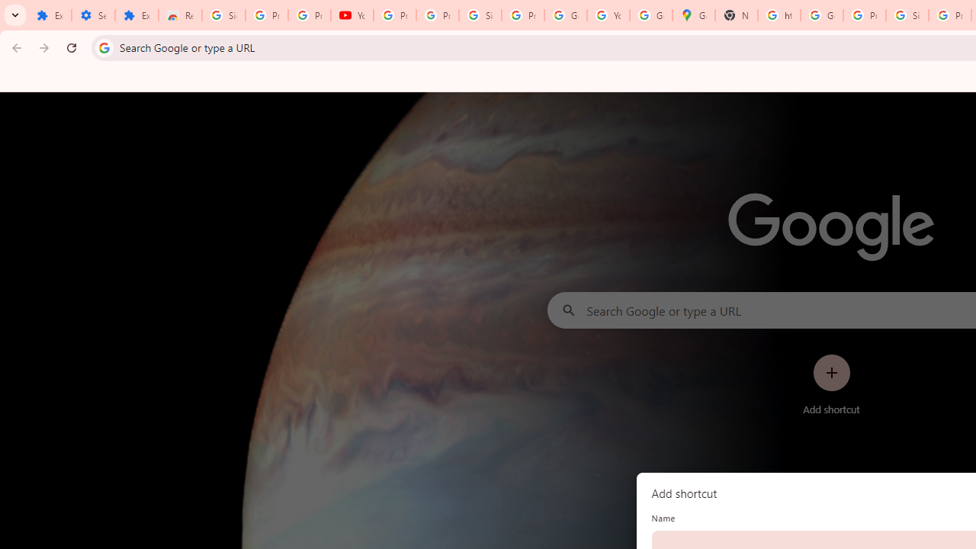 Image resolution: width=976 pixels, height=549 pixels. I want to click on 'Google Maps', so click(693, 15).